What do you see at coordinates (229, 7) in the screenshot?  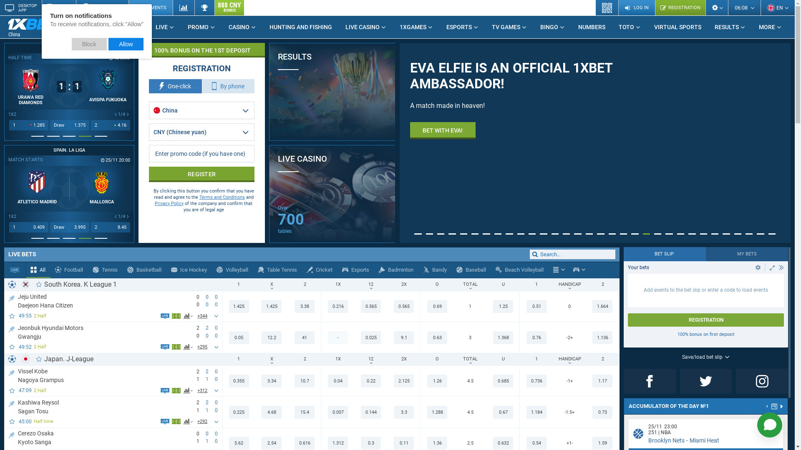 I see `'888 CNY` at bounding box center [229, 7].